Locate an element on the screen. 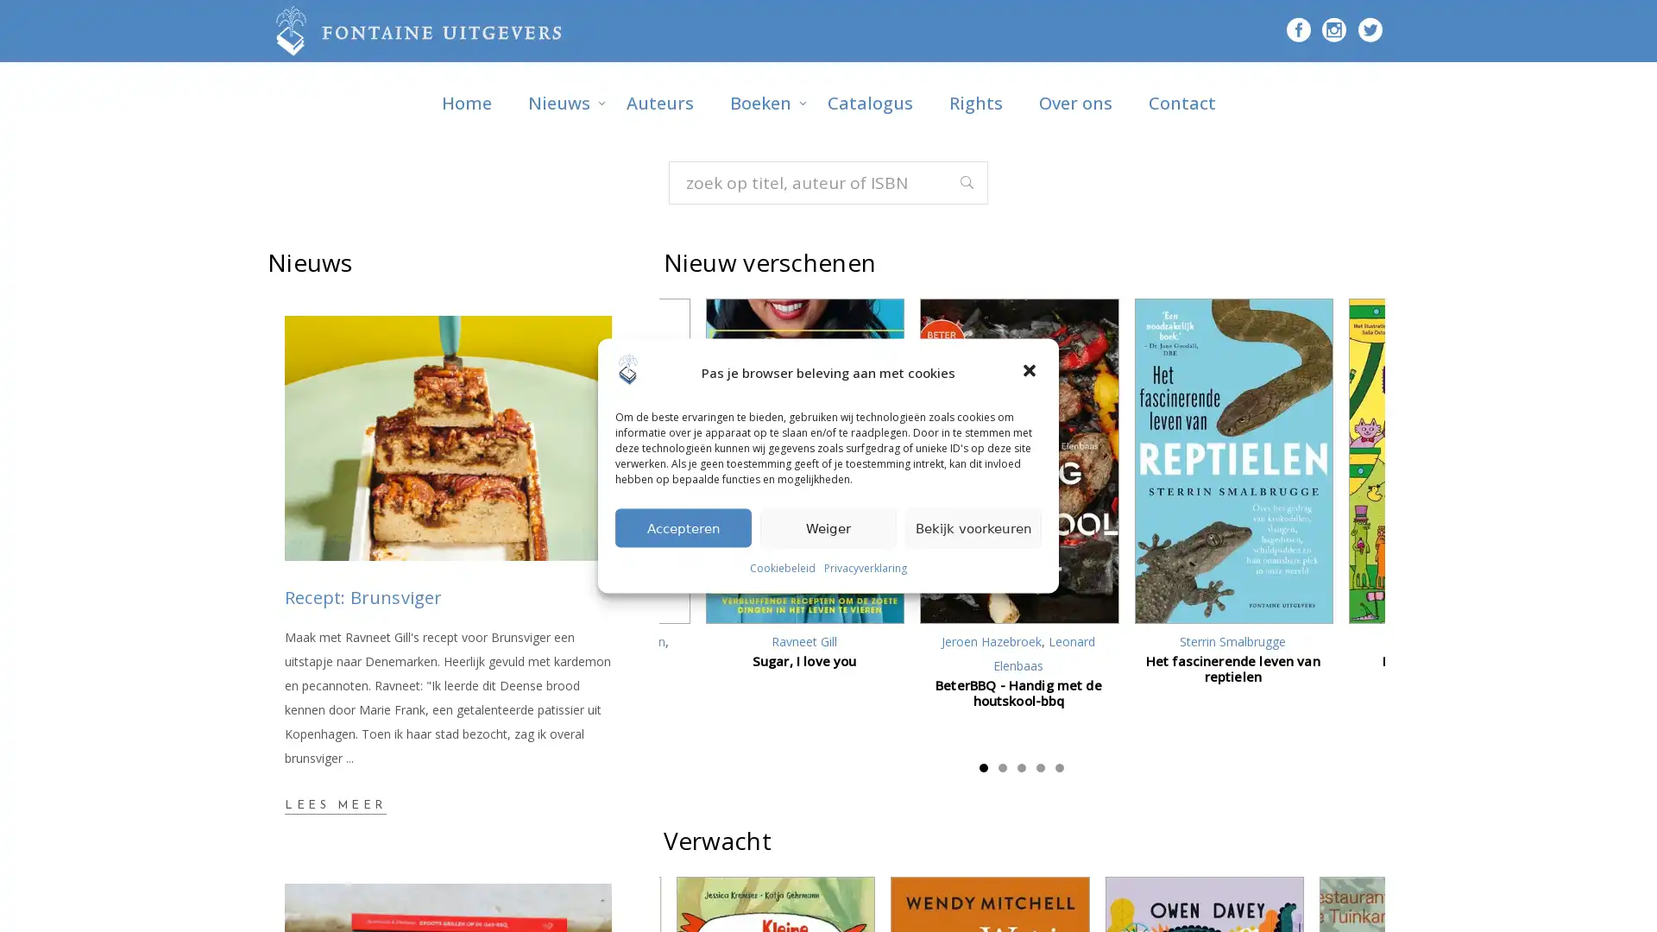 This screenshot has width=1657, height=932. Bekijk voorkeuren is located at coordinates (973, 526).